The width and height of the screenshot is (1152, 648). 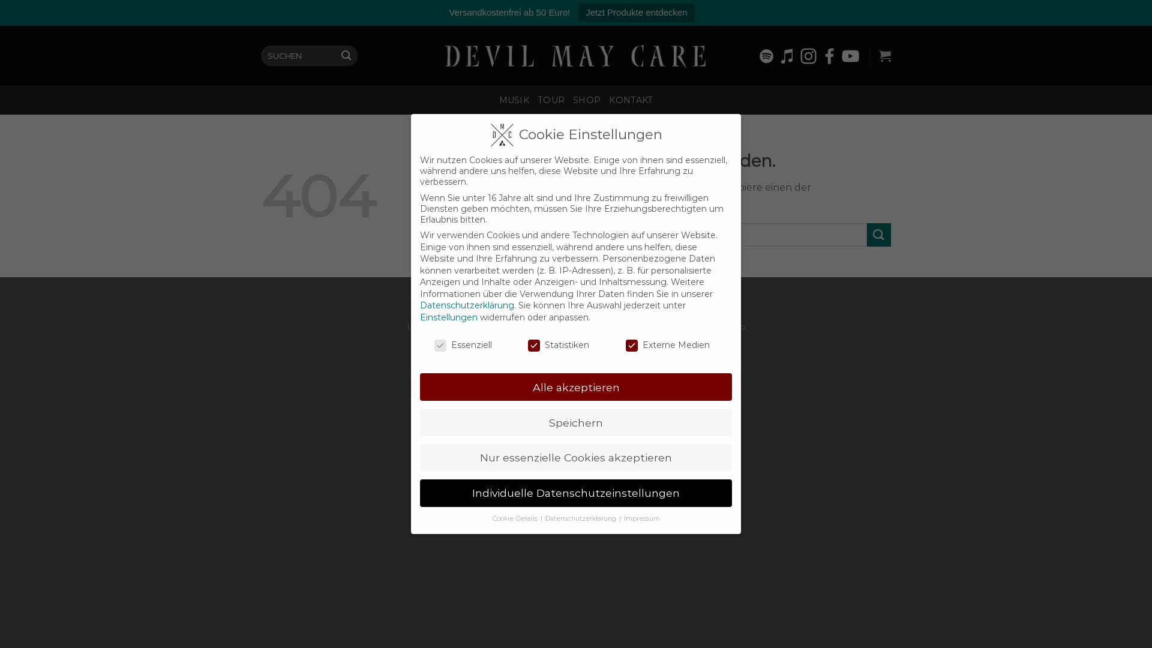 I want to click on 'Suche', so click(x=336, y=55).